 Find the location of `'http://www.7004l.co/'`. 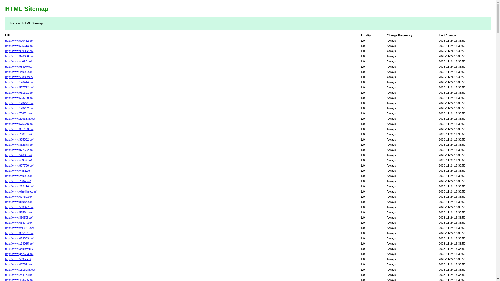

'http://www.7004l.co/' is located at coordinates (5, 181).